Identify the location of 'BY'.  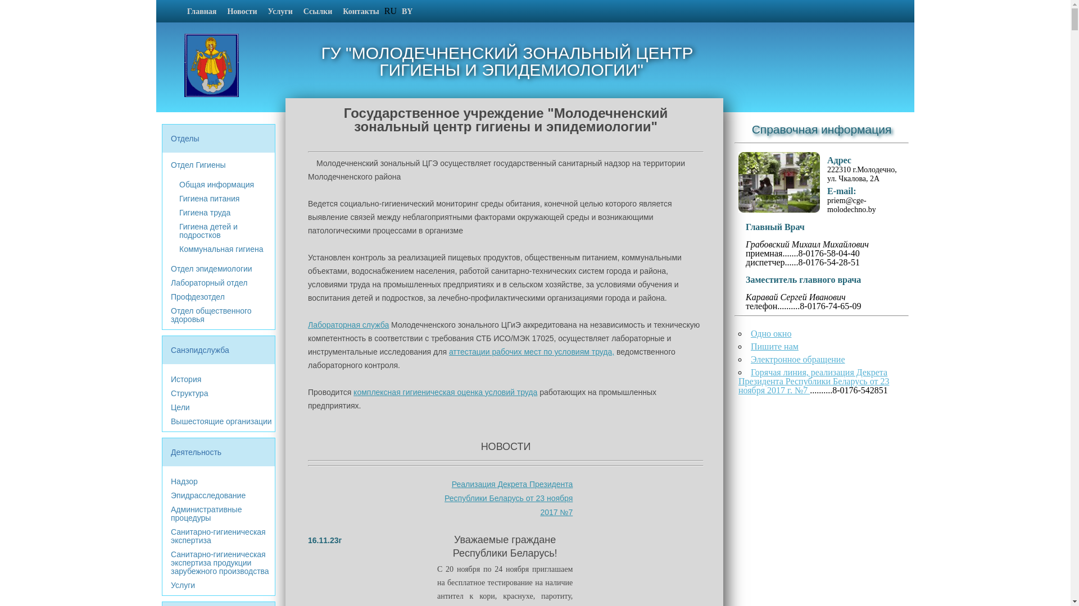
(396, 11).